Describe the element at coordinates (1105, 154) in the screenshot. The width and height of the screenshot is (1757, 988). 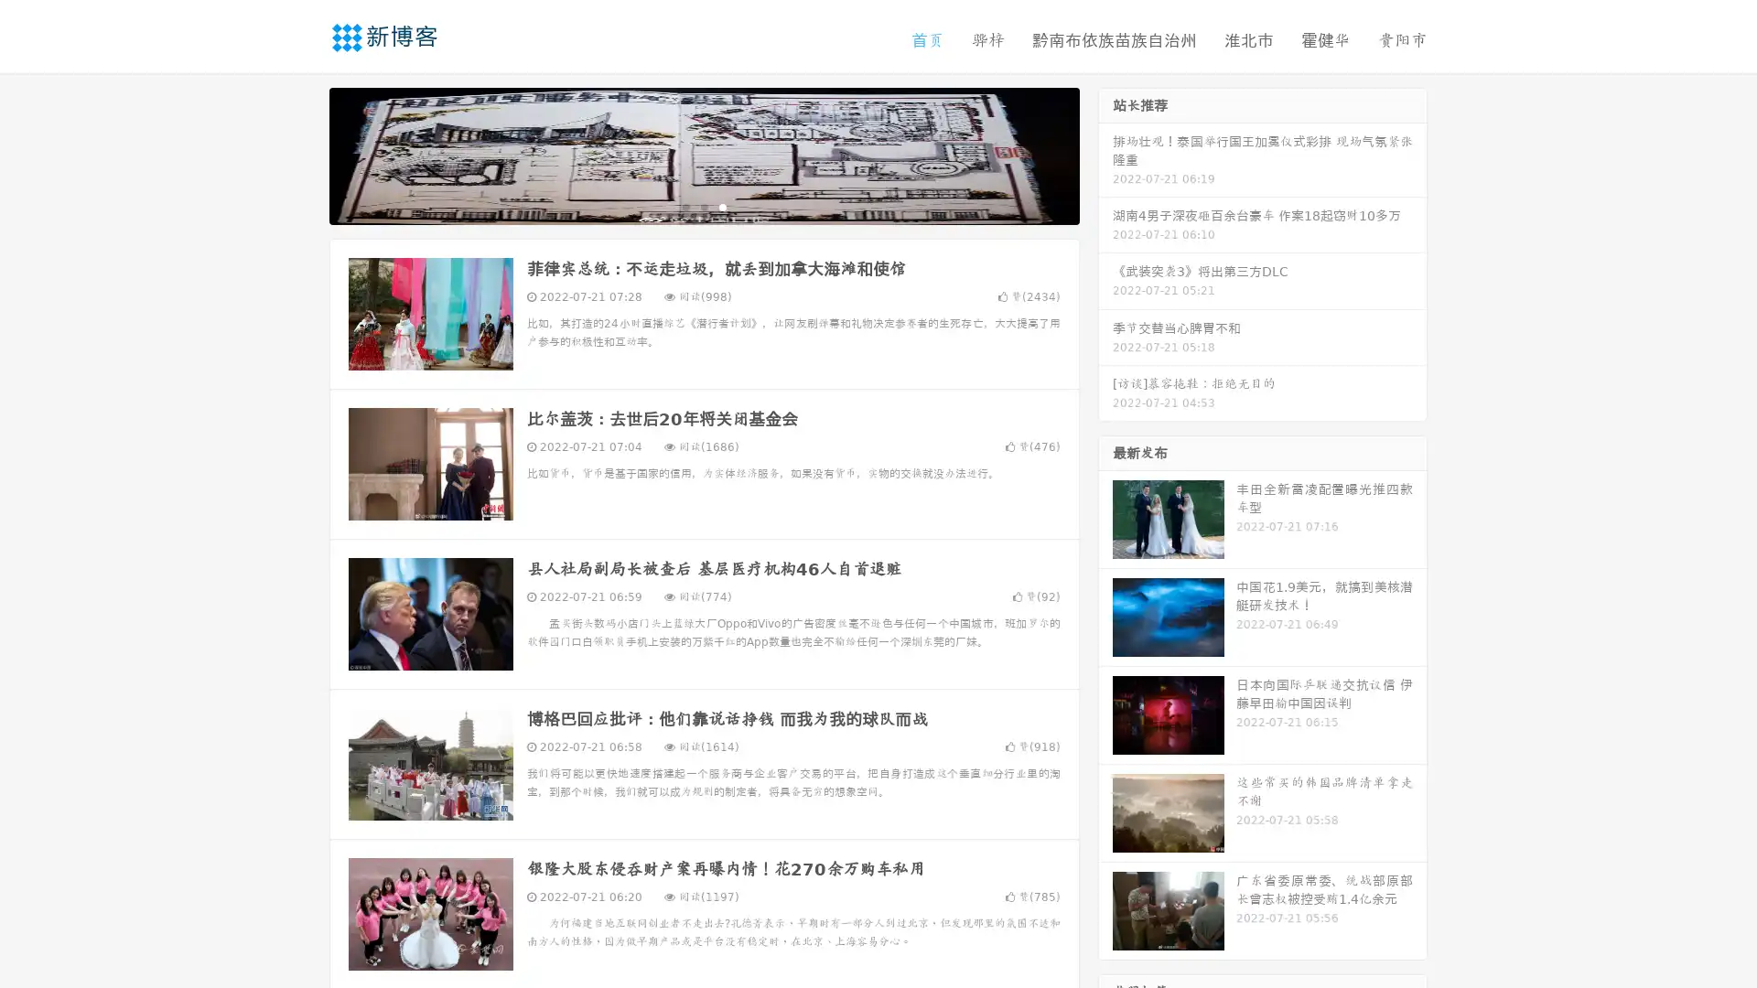
I see `Next slide` at that location.